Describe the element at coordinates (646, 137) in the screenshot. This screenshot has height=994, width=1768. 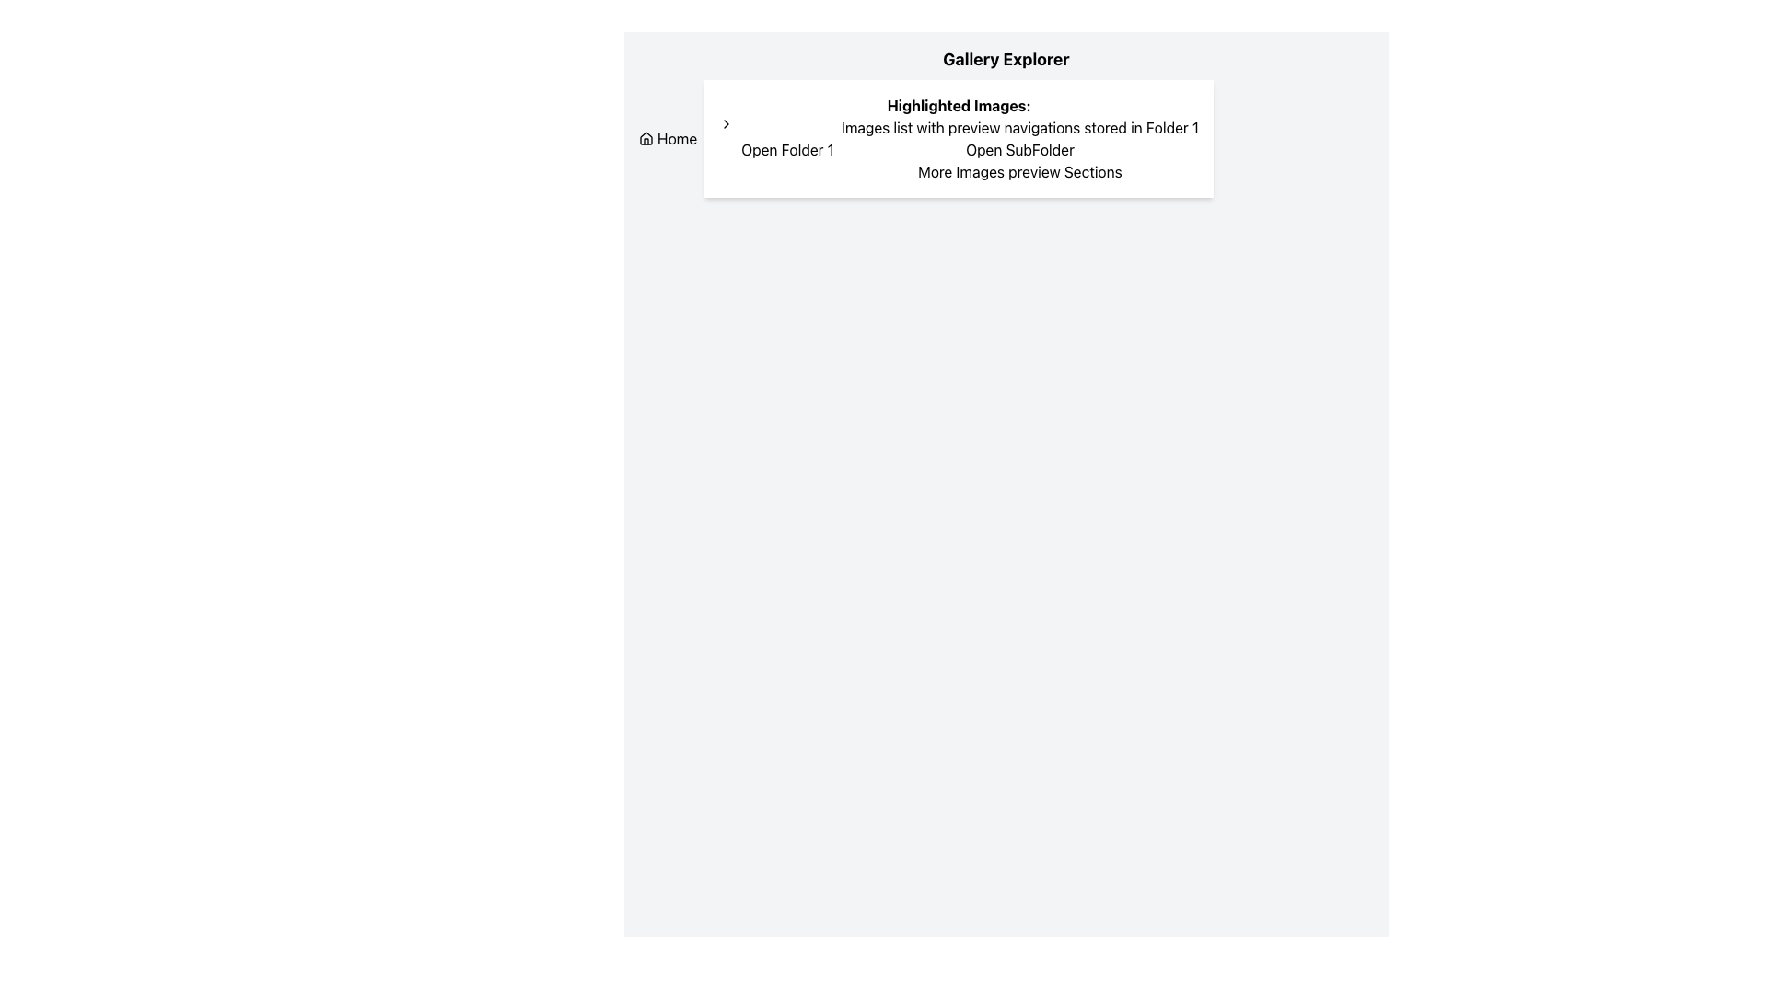
I see `the 'Home' button icon, which is a house-shaped icon with a thin outline and round edges, located at the top-left side of the interface` at that location.